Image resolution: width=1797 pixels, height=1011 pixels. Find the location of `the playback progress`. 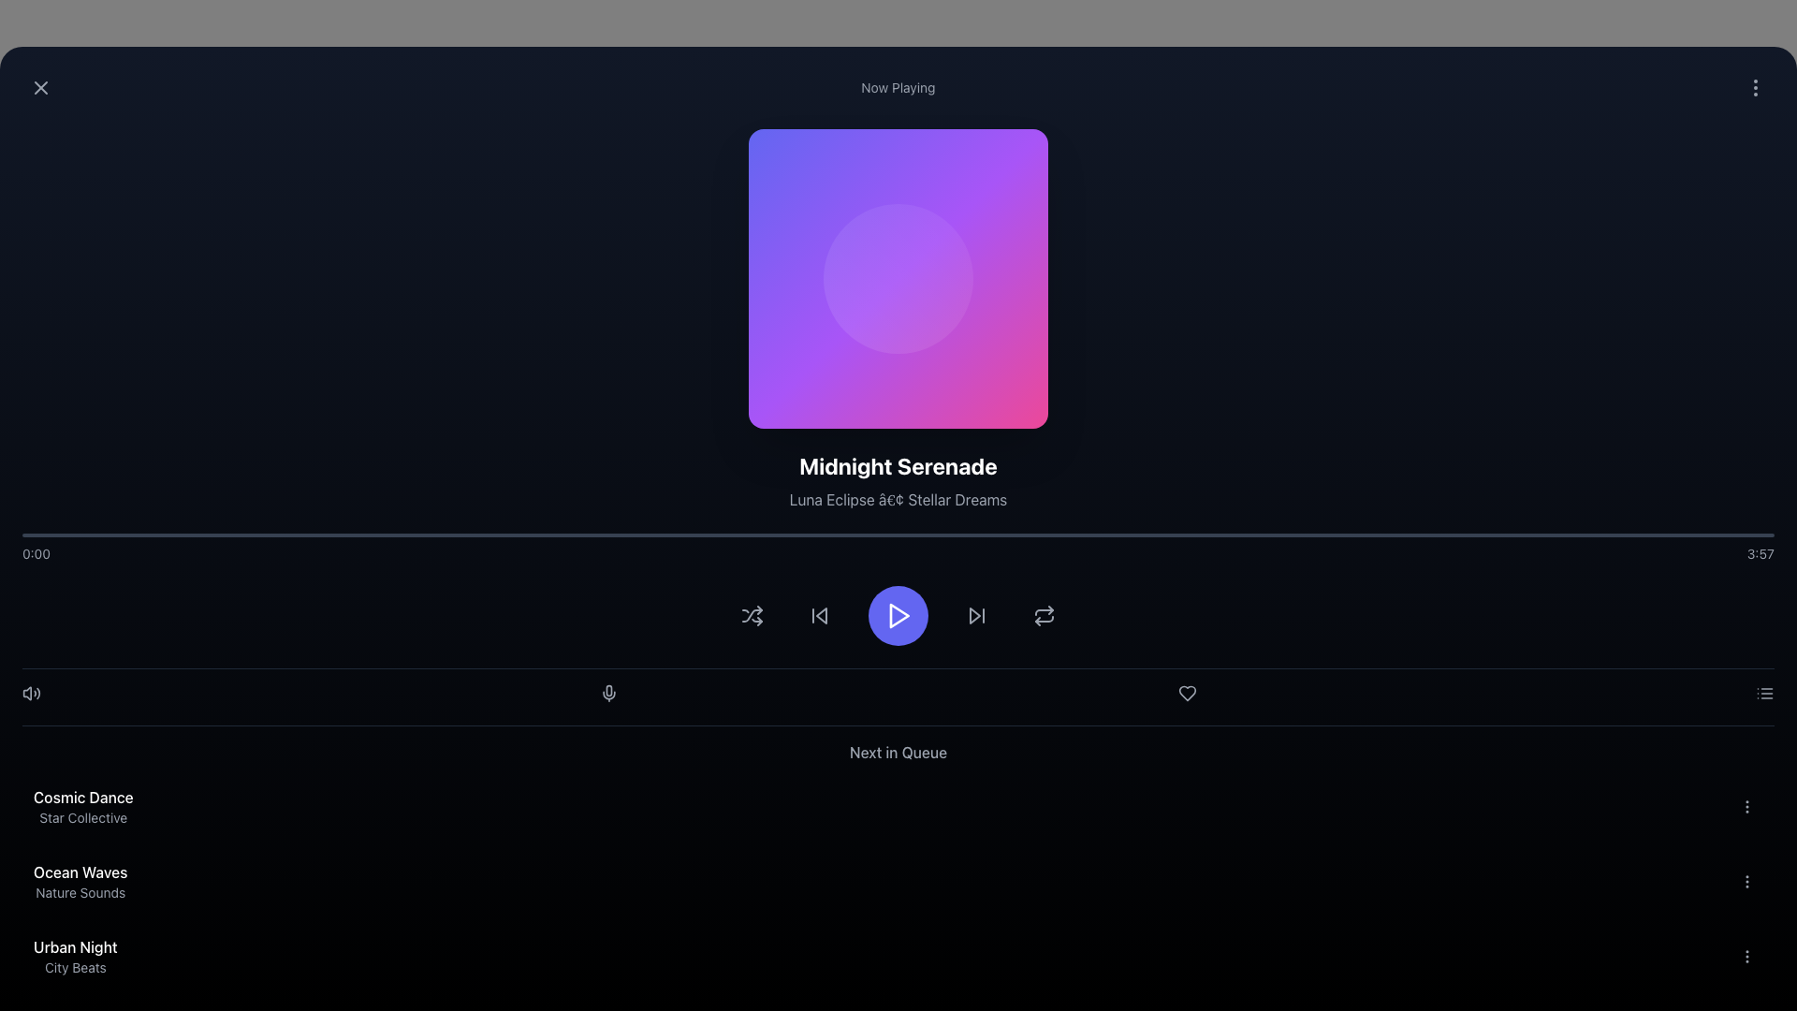

the playback progress is located at coordinates (1177, 535).